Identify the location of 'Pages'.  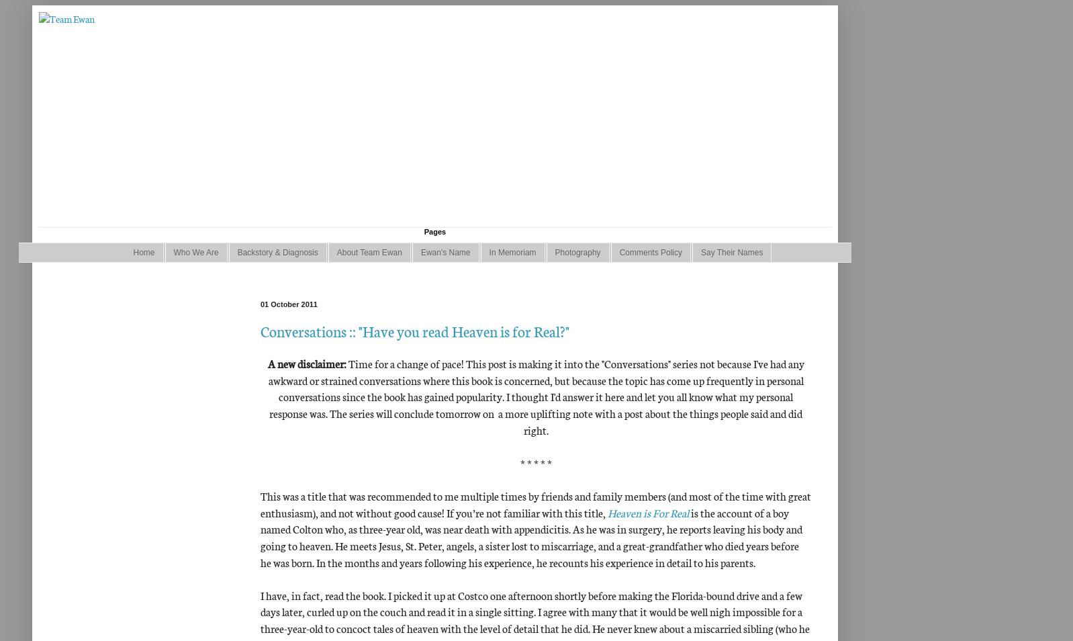
(434, 231).